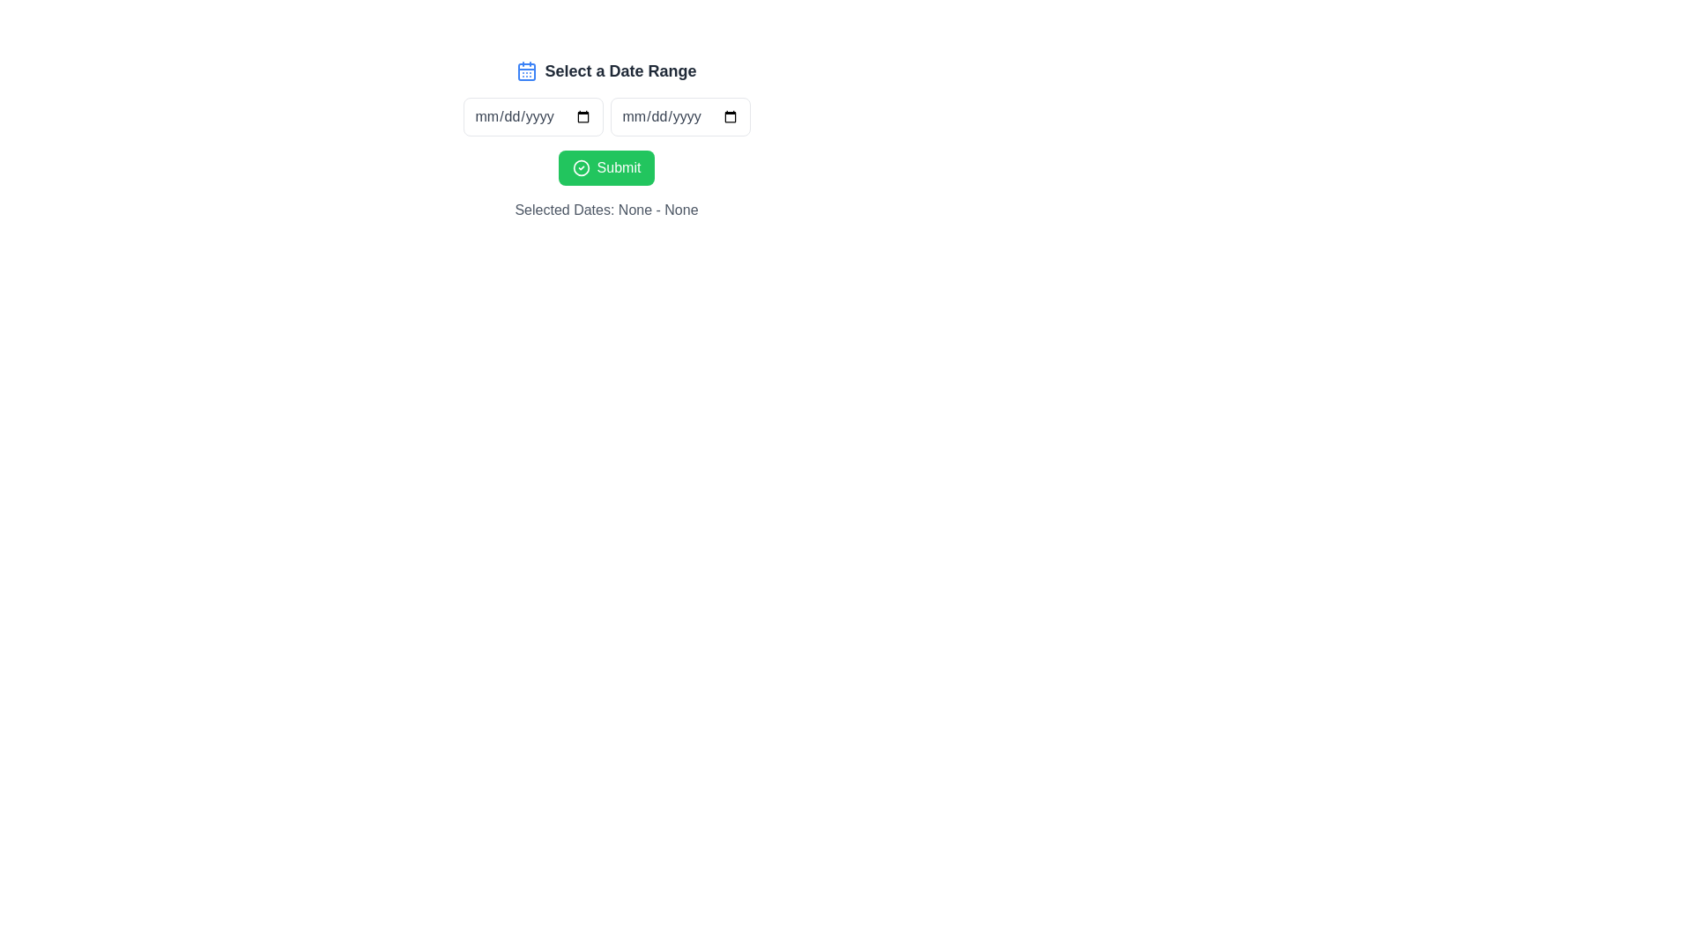  I want to click on the Text Label that serves as a heading for the date range selection, positioned to the right of the calendar icon and above the date inputs, so click(620, 70).